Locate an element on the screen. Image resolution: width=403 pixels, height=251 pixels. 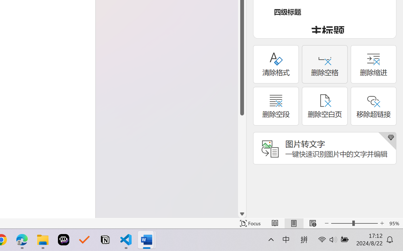
'Line down' is located at coordinates (242, 214).